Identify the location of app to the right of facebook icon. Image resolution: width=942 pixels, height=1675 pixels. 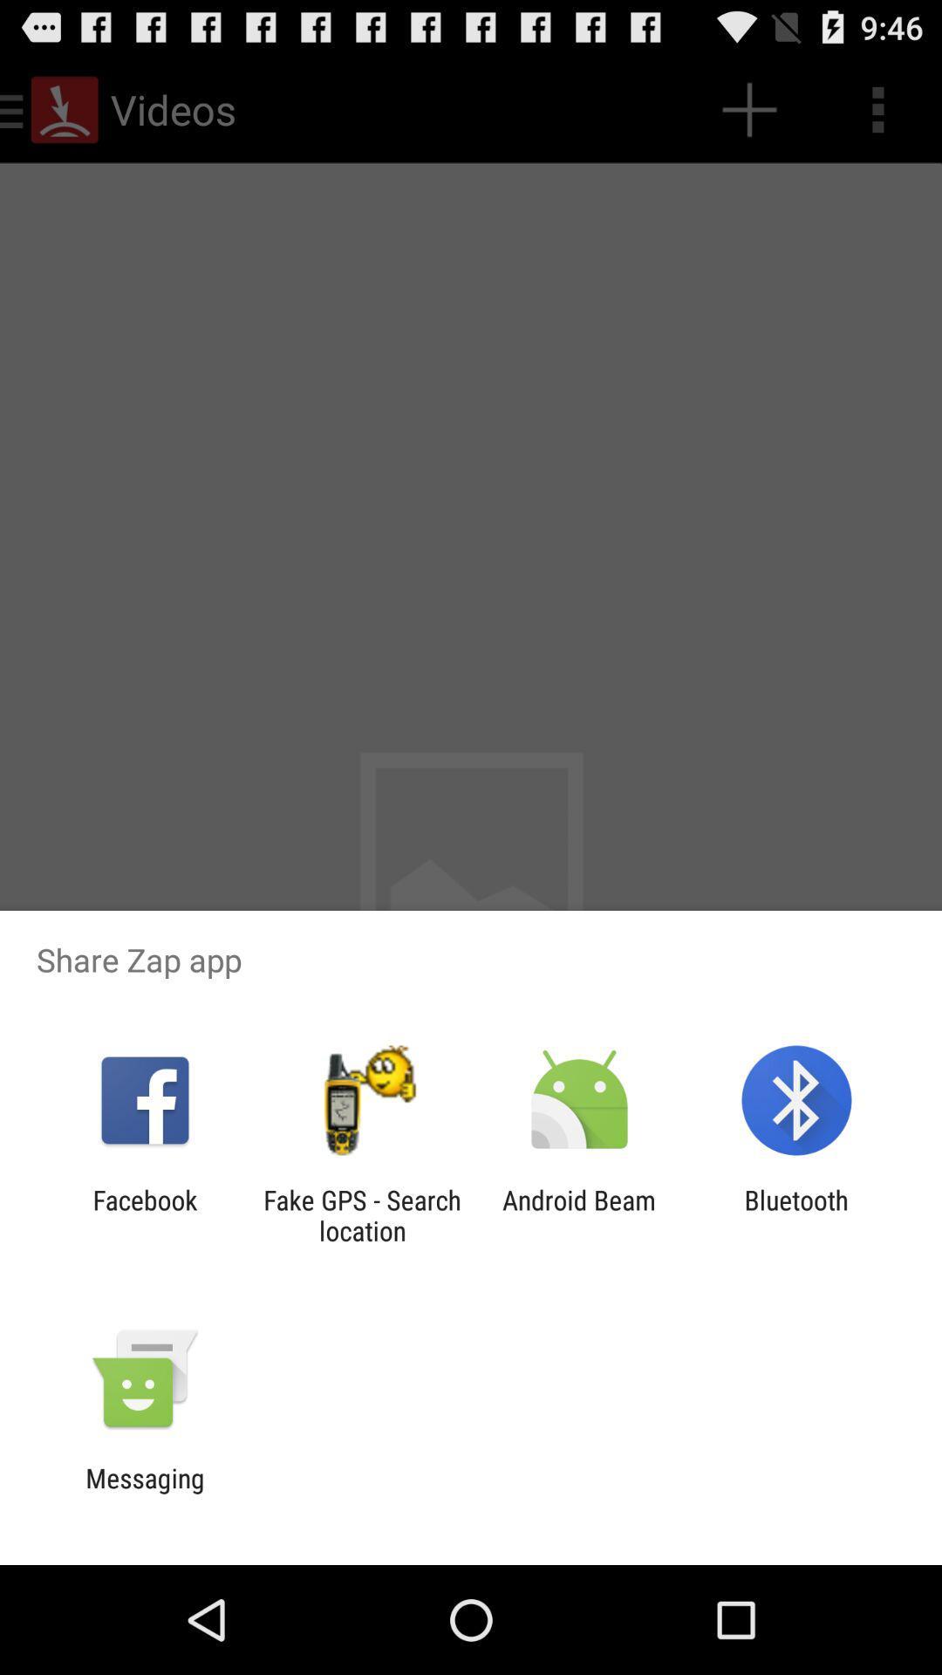
(361, 1214).